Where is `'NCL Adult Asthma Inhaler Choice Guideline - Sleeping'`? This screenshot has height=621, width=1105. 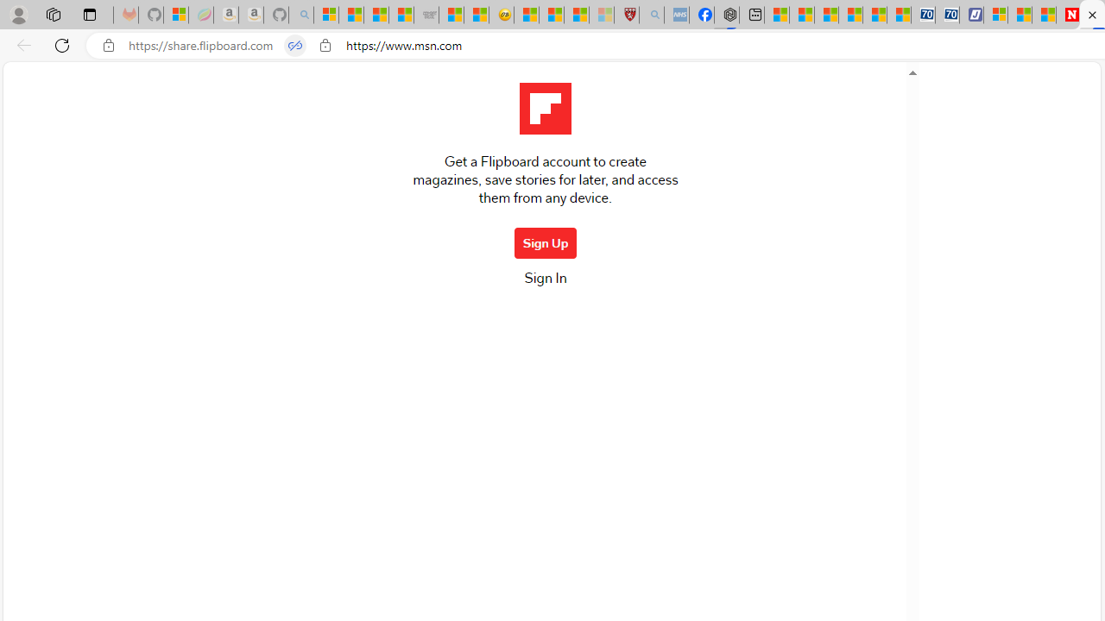 'NCL Adult Asthma Inhaler Choice Guideline - Sleeping' is located at coordinates (676, 15).